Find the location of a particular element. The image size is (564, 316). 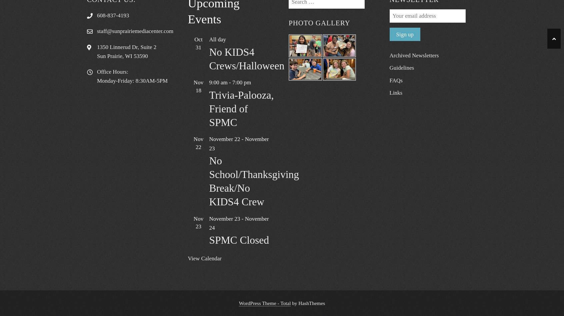

'Guidelines' is located at coordinates (402, 67).